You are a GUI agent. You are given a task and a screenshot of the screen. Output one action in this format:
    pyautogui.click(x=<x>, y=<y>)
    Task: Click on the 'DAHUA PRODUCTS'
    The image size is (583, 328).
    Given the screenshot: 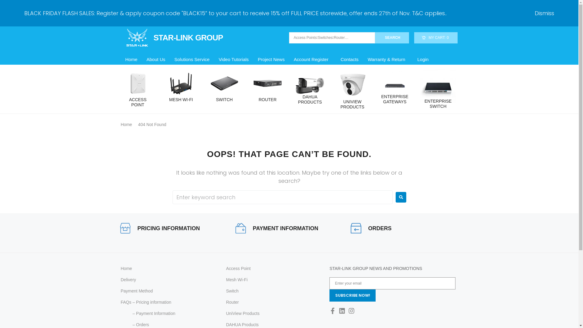 What is the action you would take?
    pyautogui.click(x=310, y=99)
    